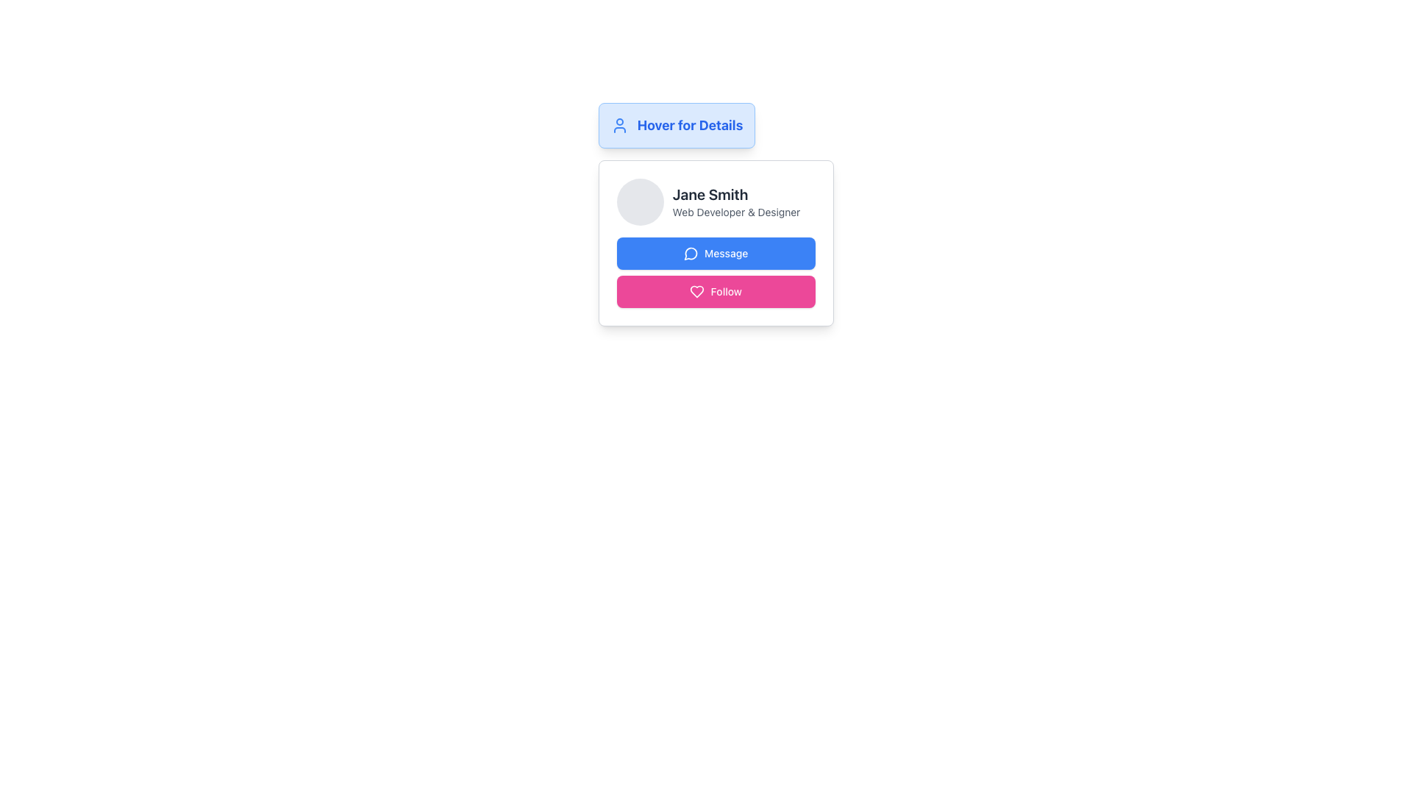 This screenshot has height=794, width=1412. I want to click on the pink heart-shaped icon, so click(696, 292).